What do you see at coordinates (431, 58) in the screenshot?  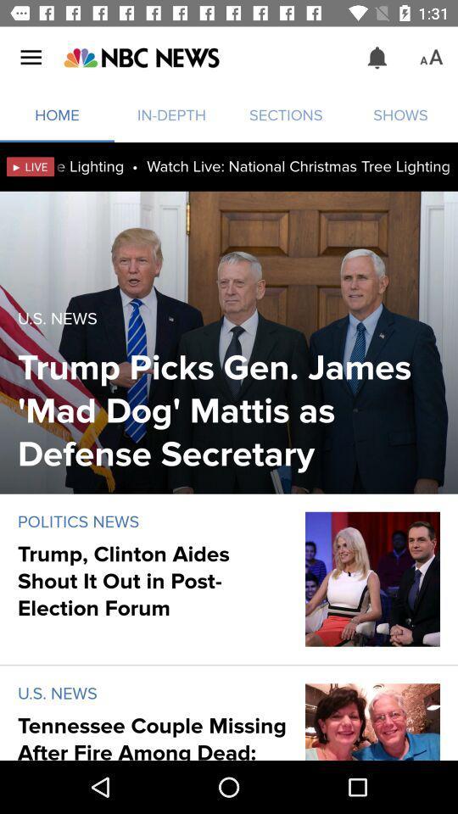 I see `the font icon` at bounding box center [431, 58].